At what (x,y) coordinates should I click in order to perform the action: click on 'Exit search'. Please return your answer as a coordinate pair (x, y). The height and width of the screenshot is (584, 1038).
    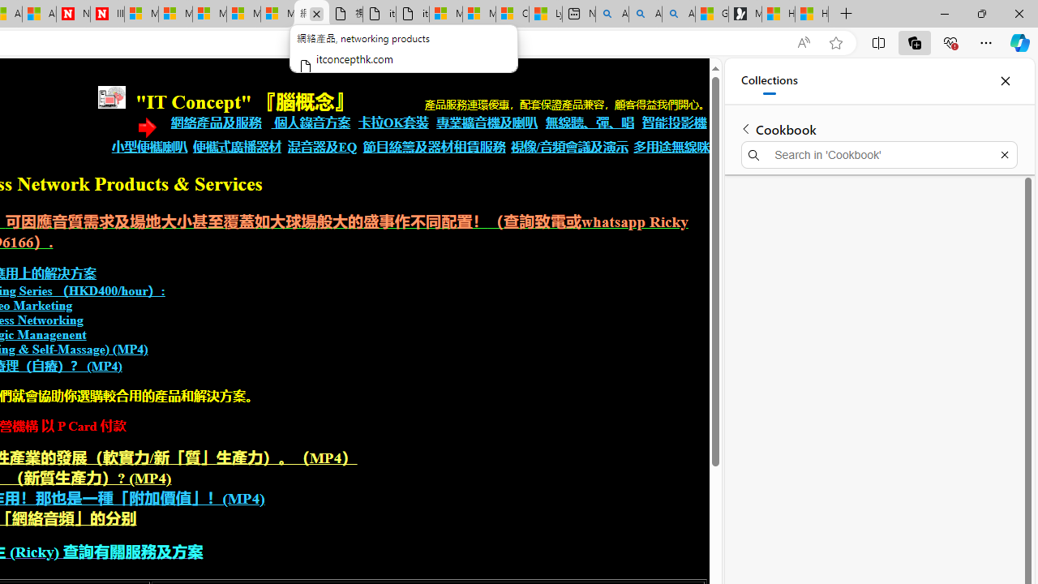
    Looking at the image, I should click on (1004, 155).